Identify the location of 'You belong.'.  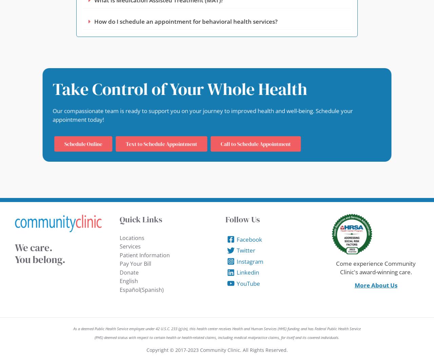
(15, 259).